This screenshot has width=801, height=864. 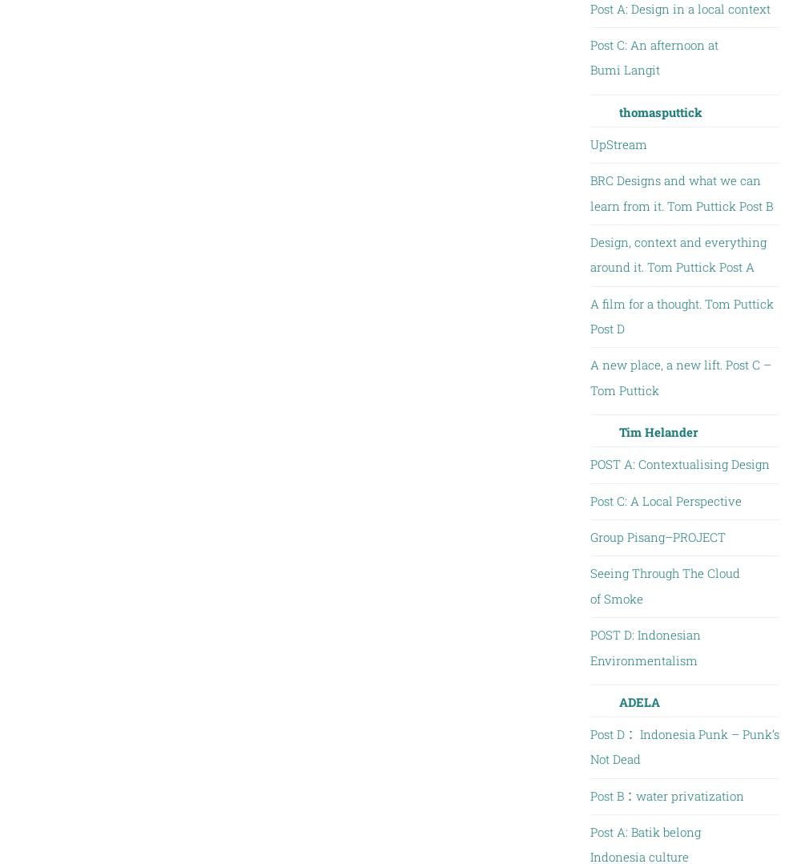 I want to click on 'Post B：water privatization', so click(x=589, y=794).